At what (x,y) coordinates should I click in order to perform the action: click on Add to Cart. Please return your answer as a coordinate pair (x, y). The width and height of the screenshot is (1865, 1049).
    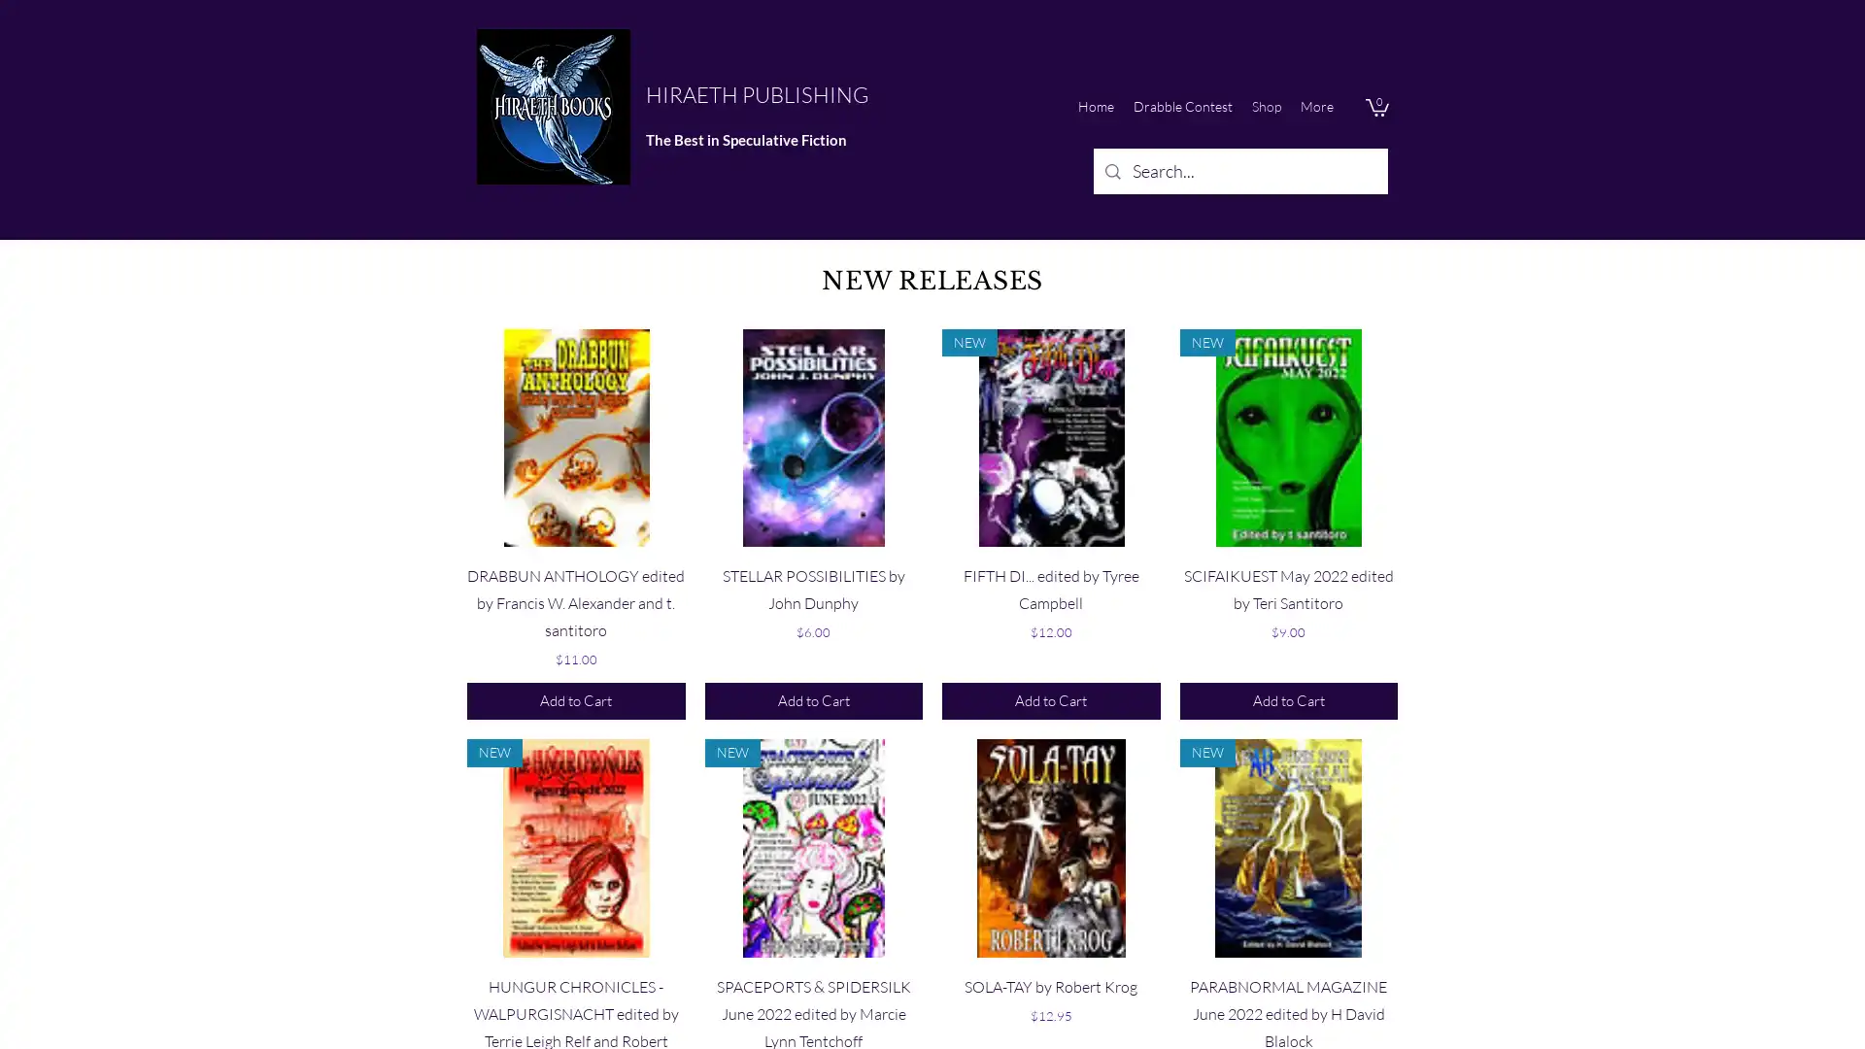
    Looking at the image, I should click on (813, 700).